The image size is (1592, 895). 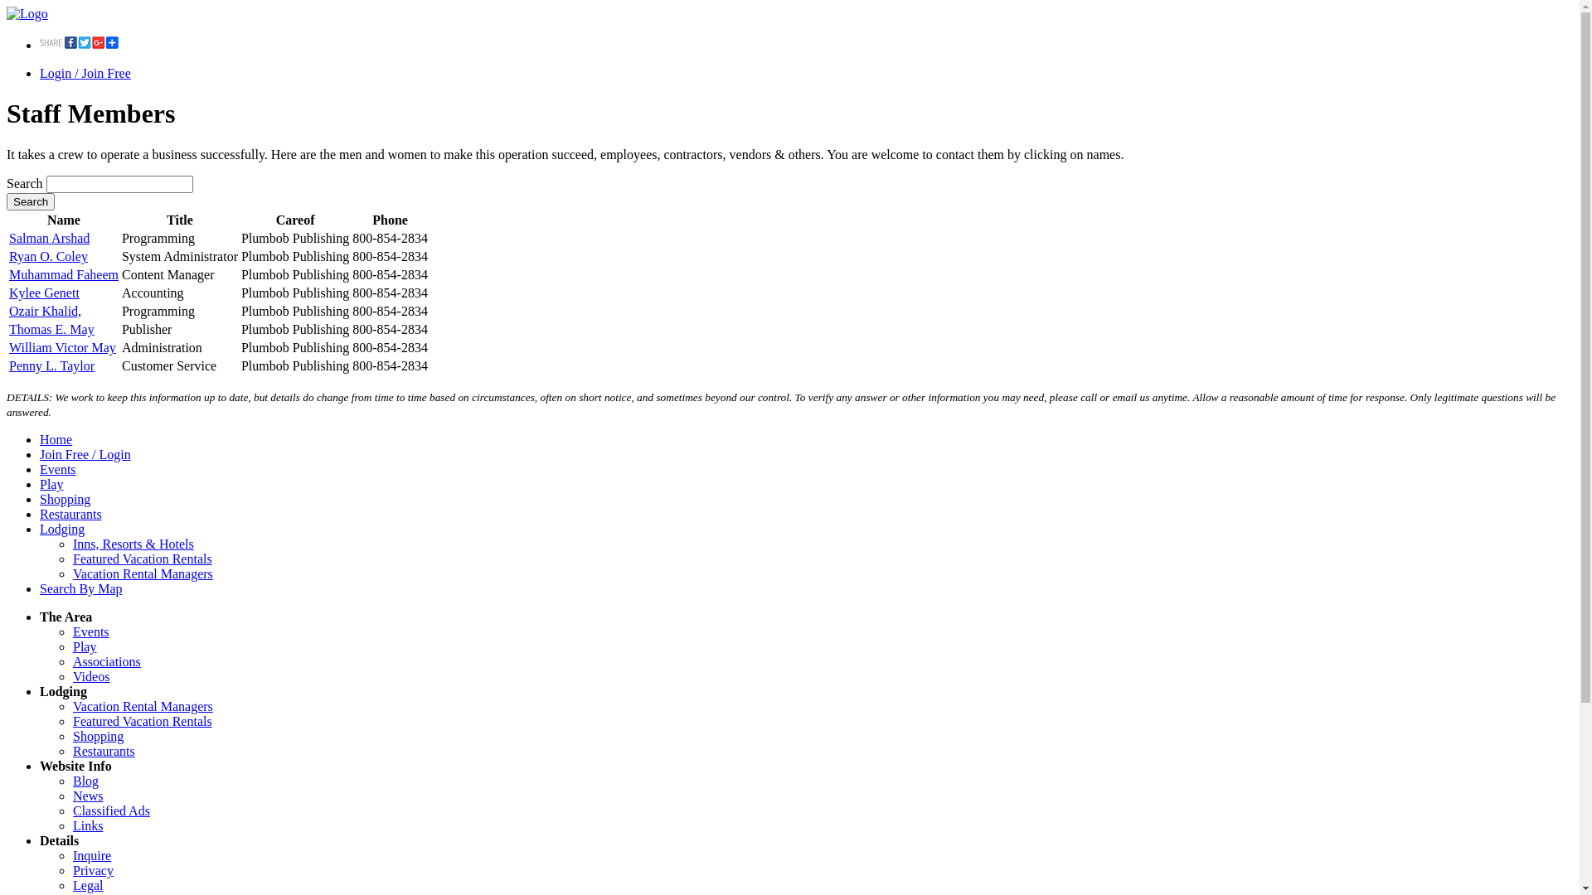 I want to click on 'William Victor May', so click(x=62, y=346).